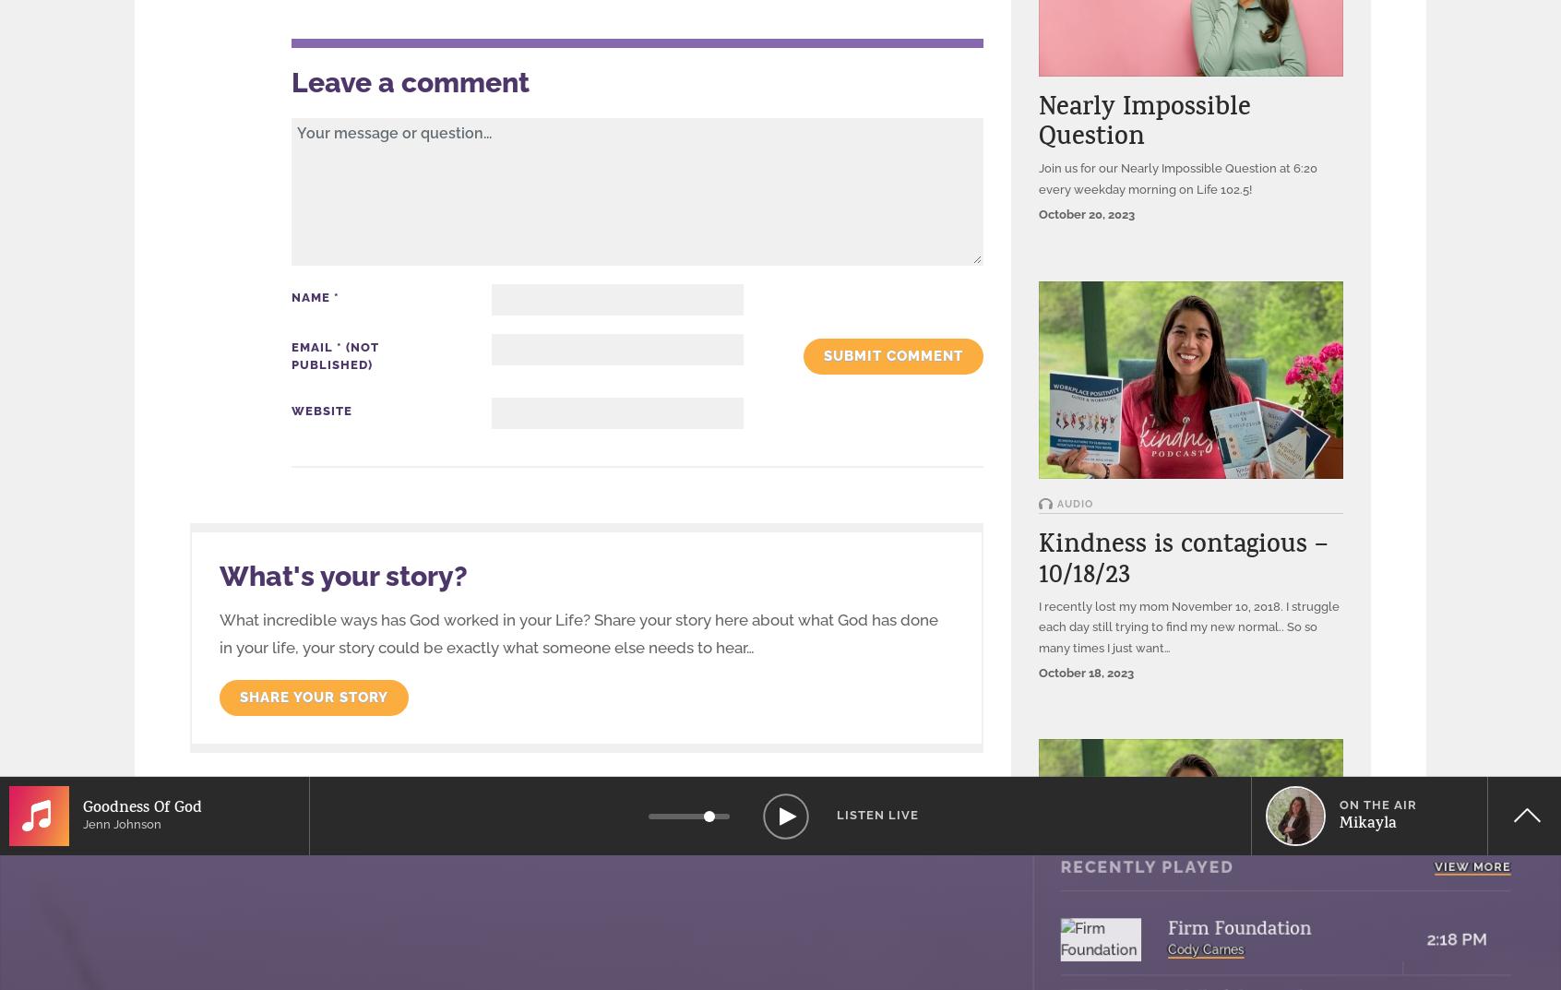 This screenshot has height=990, width=1561. I want to click on 'Leave a comment', so click(409, 82).